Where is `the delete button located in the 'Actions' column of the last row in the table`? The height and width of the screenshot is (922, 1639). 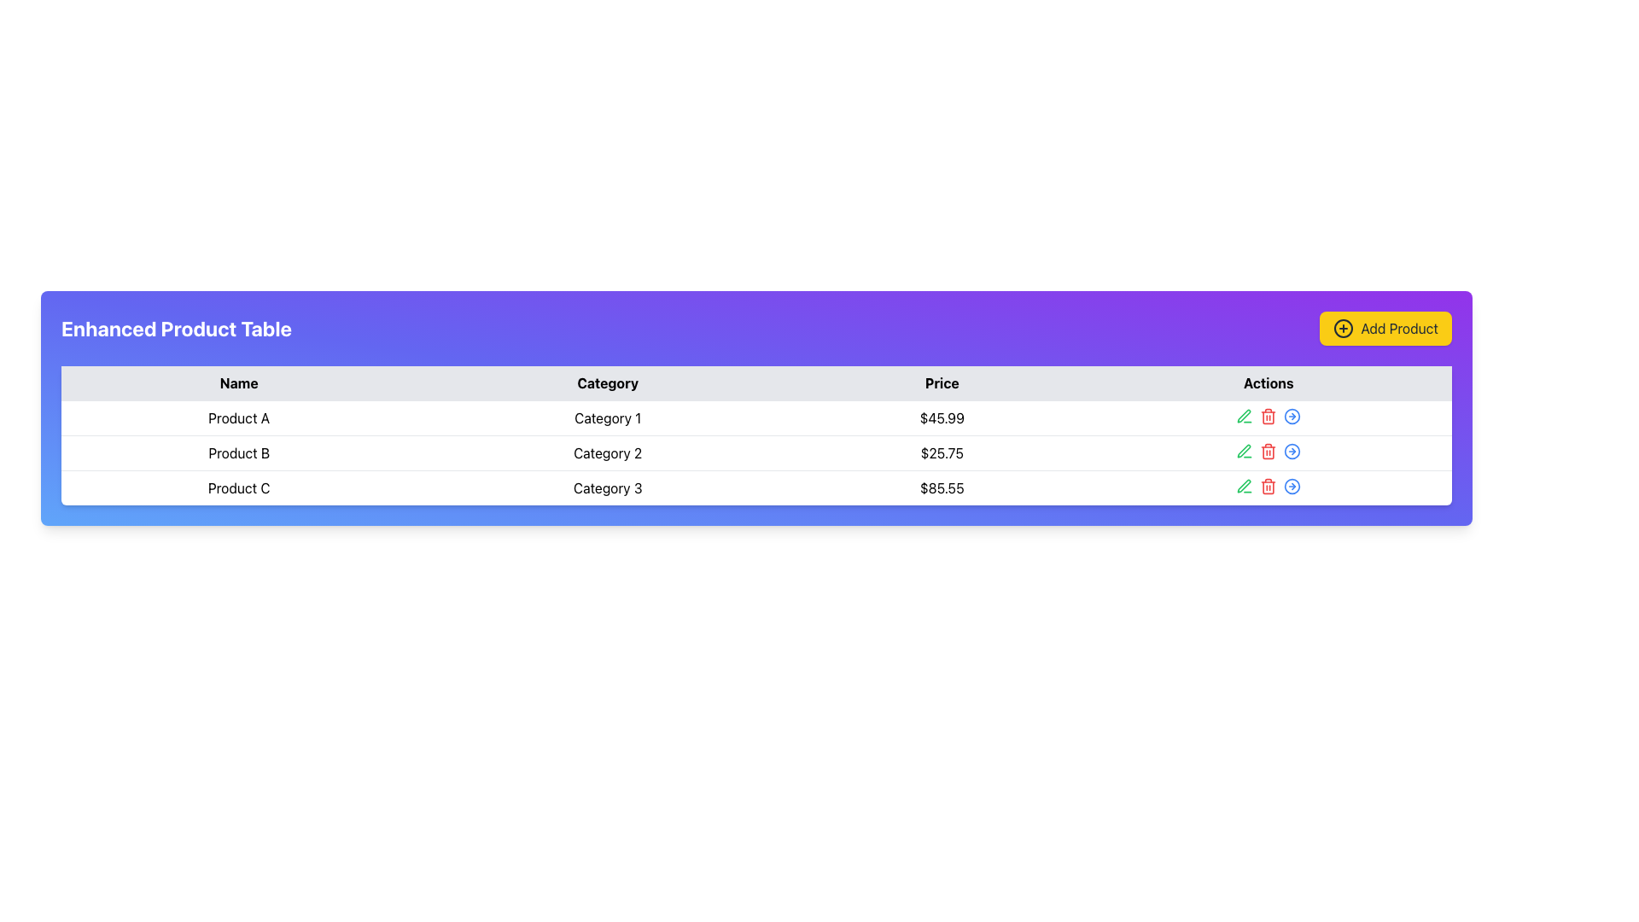 the delete button located in the 'Actions' column of the last row in the table is located at coordinates (1269, 451).